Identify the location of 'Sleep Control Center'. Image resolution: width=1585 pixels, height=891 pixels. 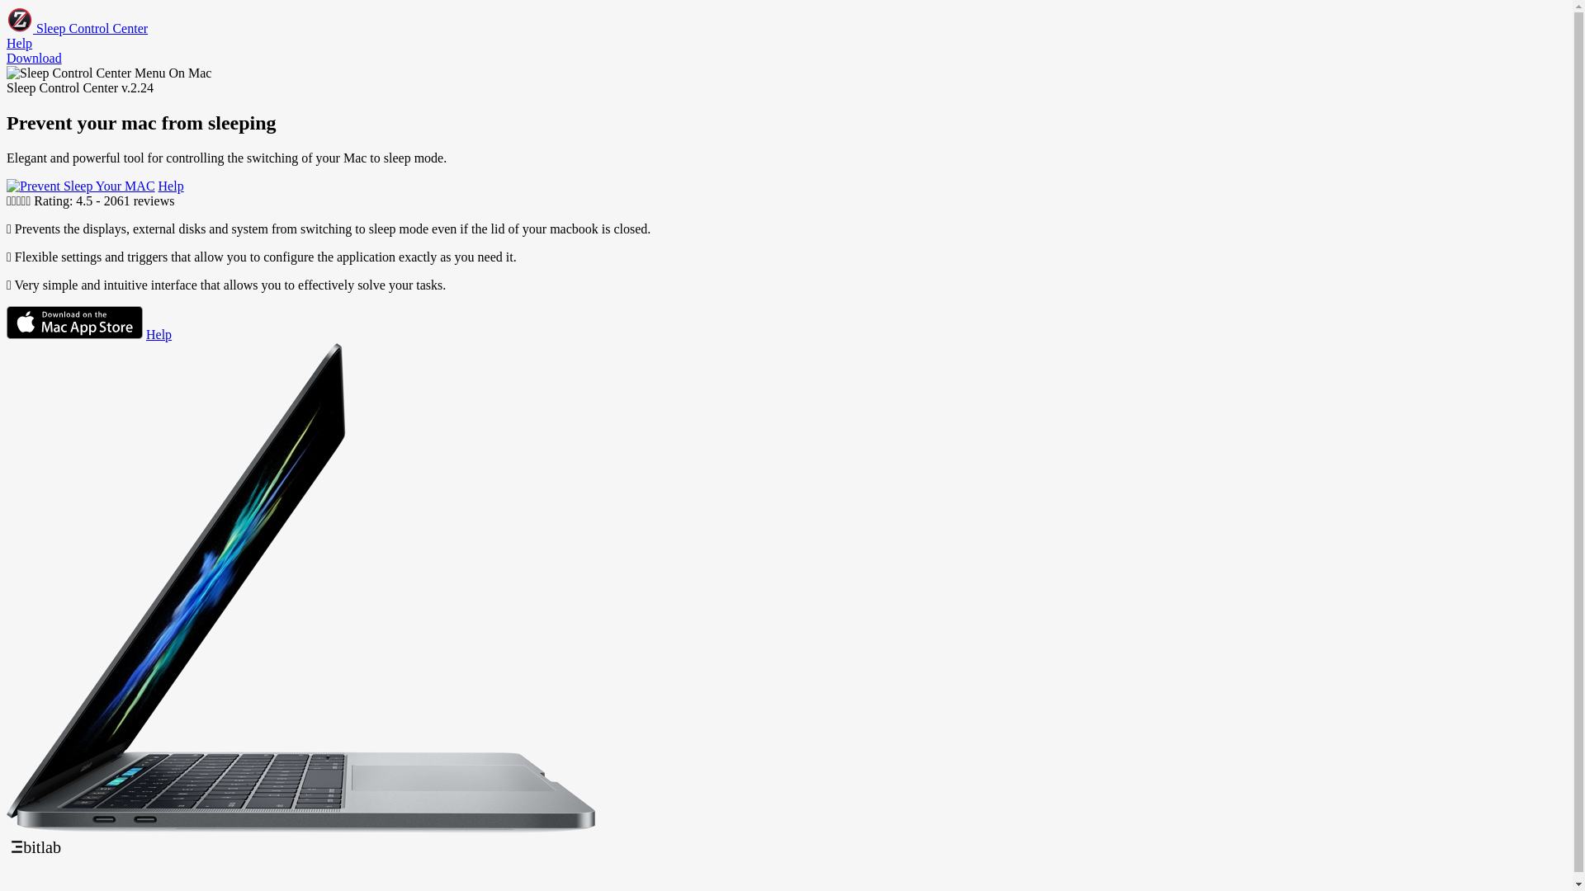
(76, 28).